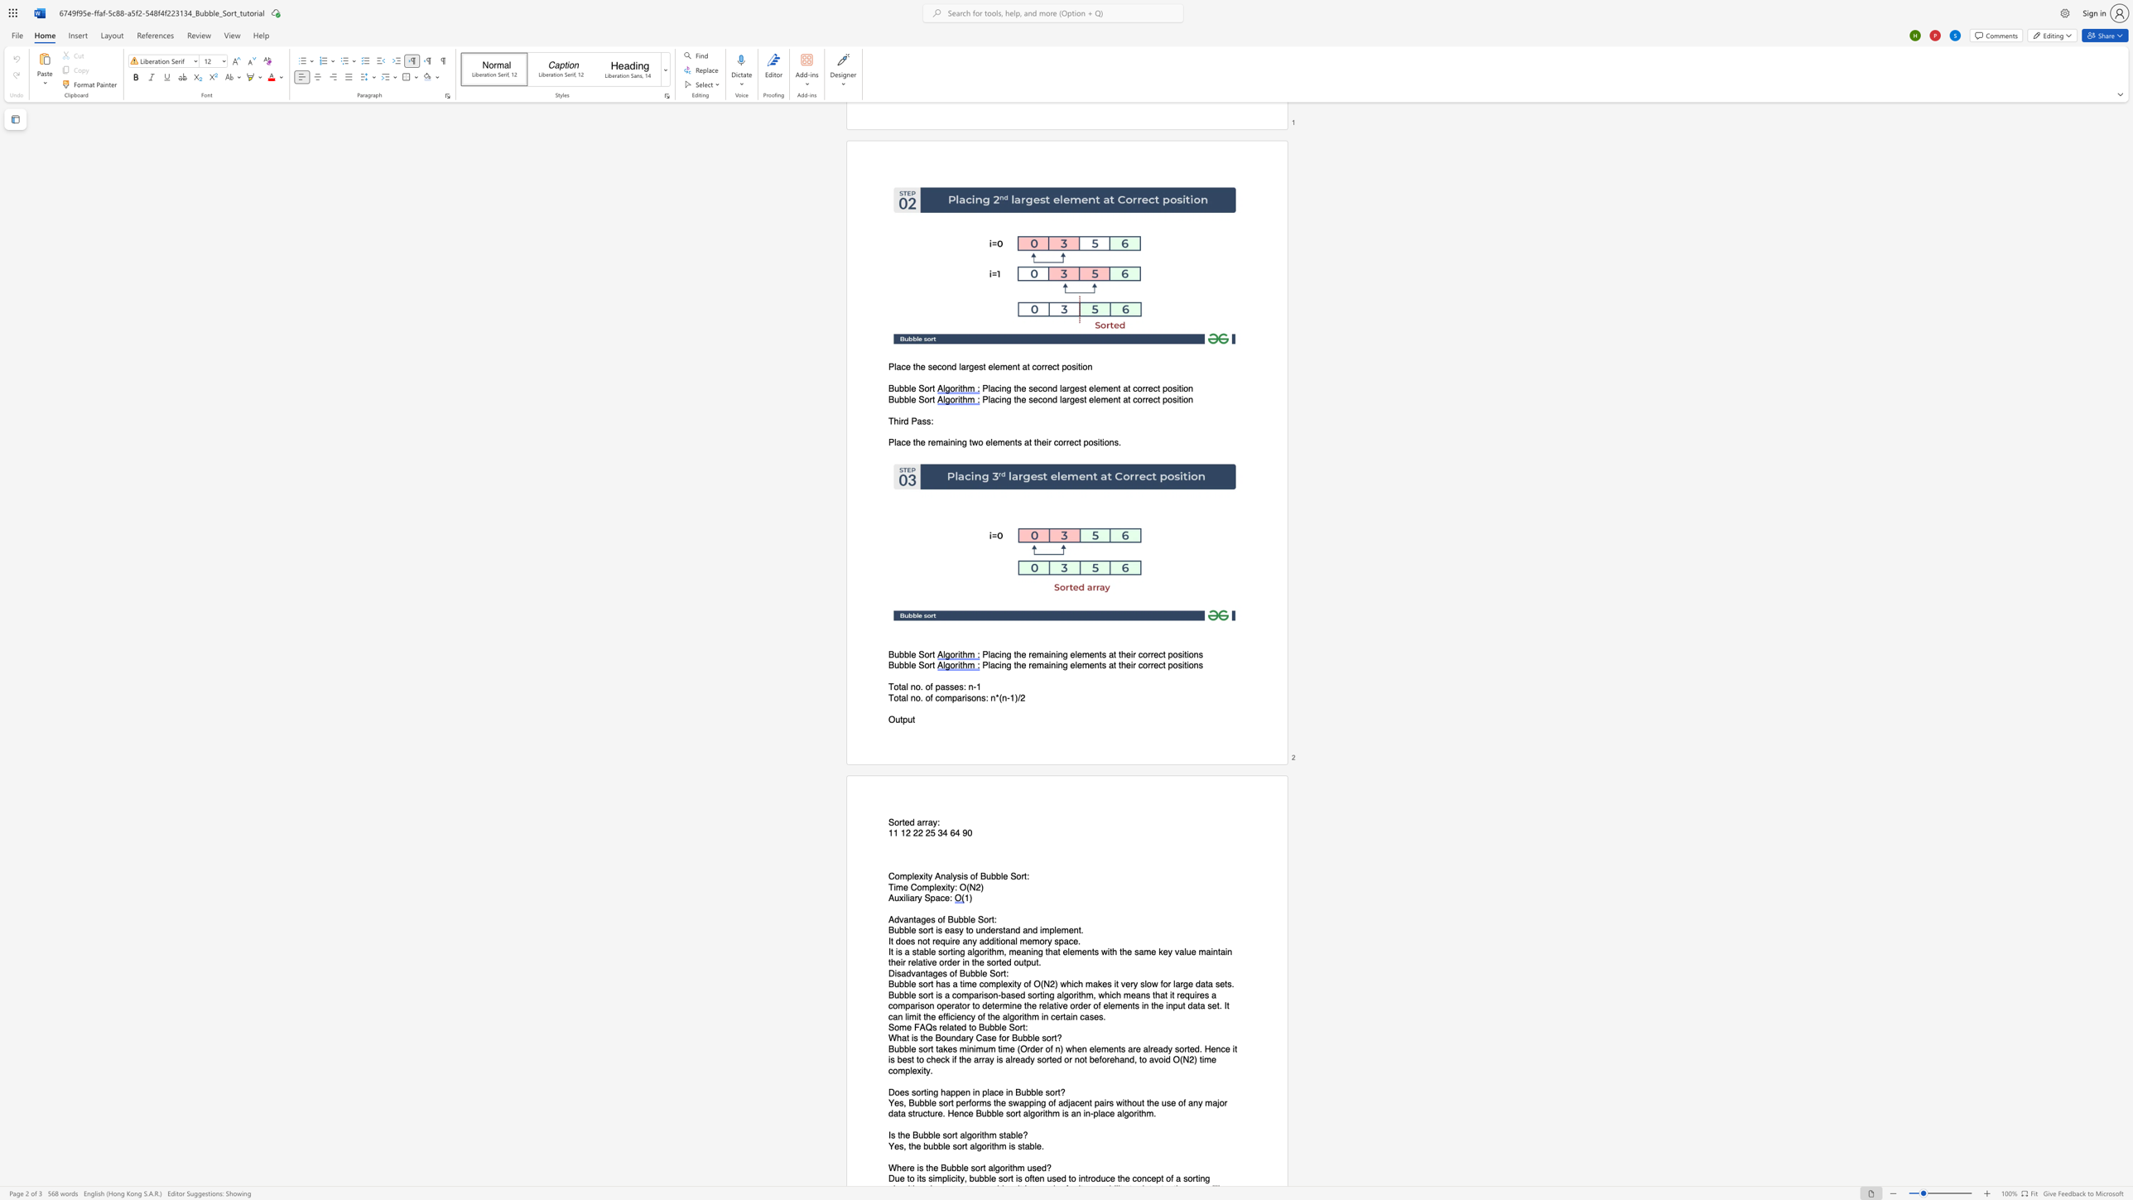 Image resolution: width=2133 pixels, height=1200 pixels. What do you see at coordinates (974, 951) in the screenshot?
I see `the space between the continuous character "l" and "g" in the text` at bounding box center [974, 951].